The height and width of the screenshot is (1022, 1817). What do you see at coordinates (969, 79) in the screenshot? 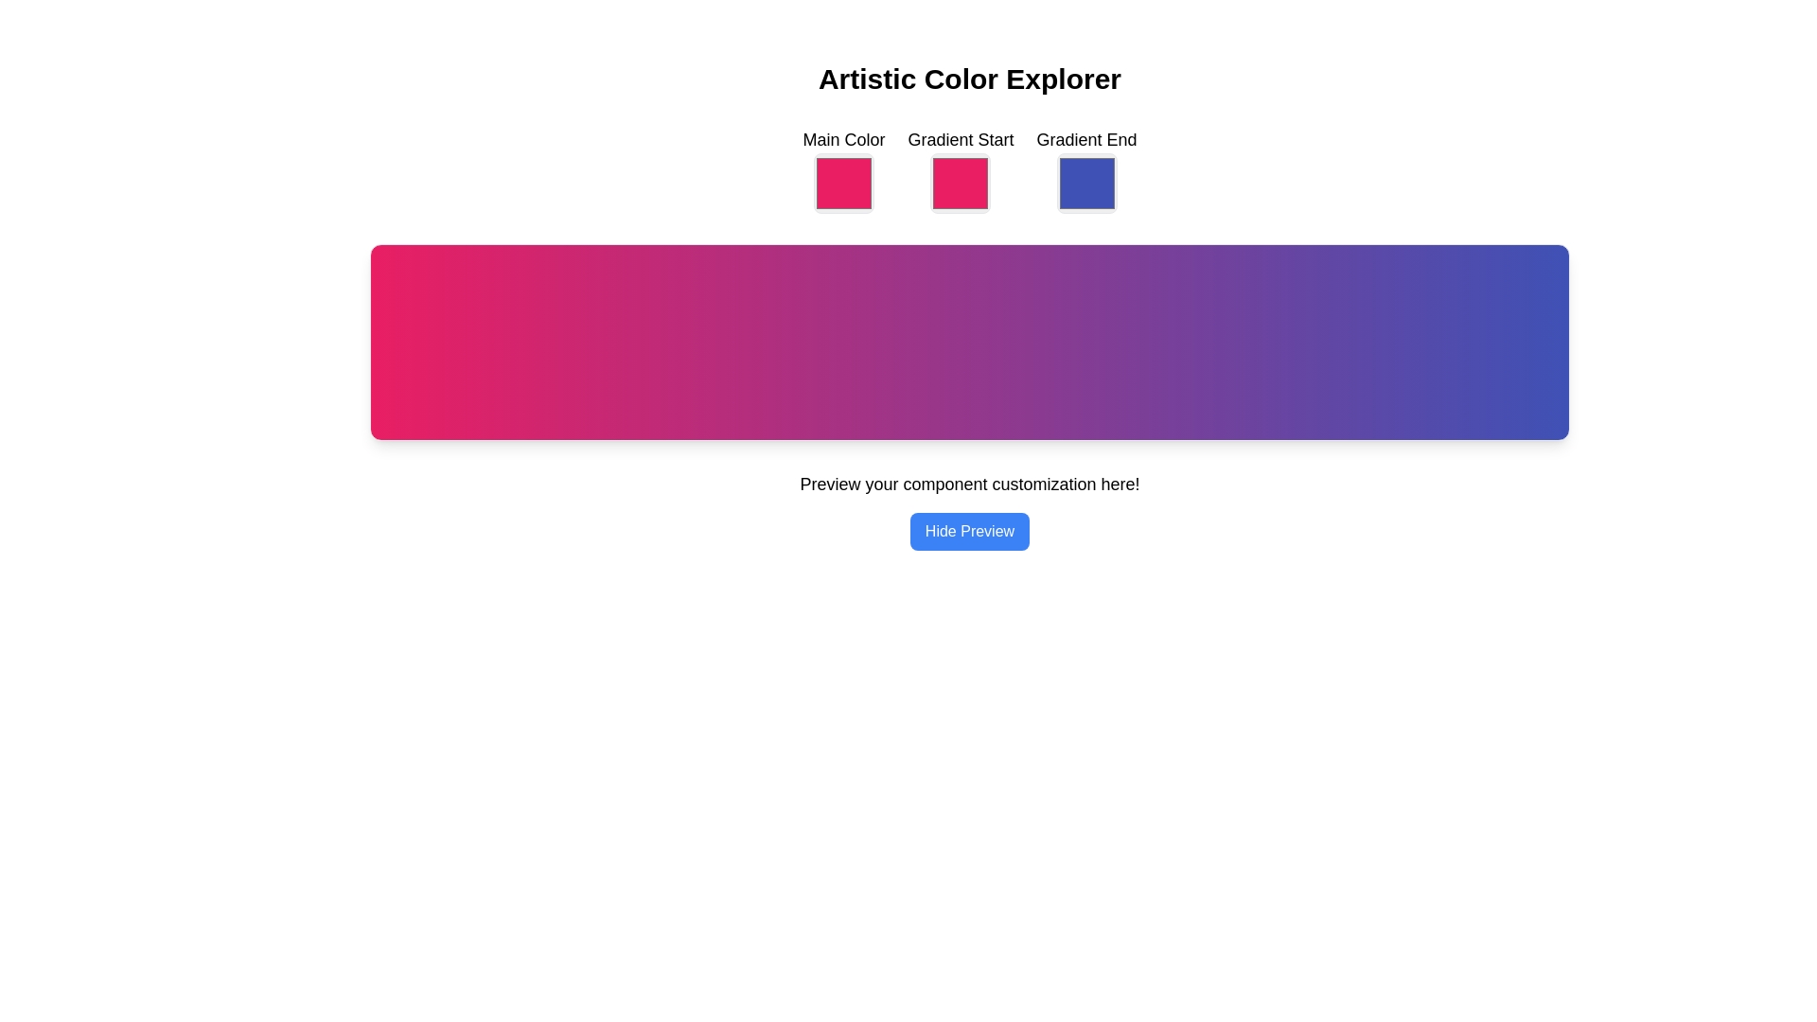
I see `the text label that serves as the title or heading for the interface, which is centrally located at the top, above the sections labeled 'Main Color', 'Gradient Start', and 'Gradient End'` at bounding box center [969, 79].